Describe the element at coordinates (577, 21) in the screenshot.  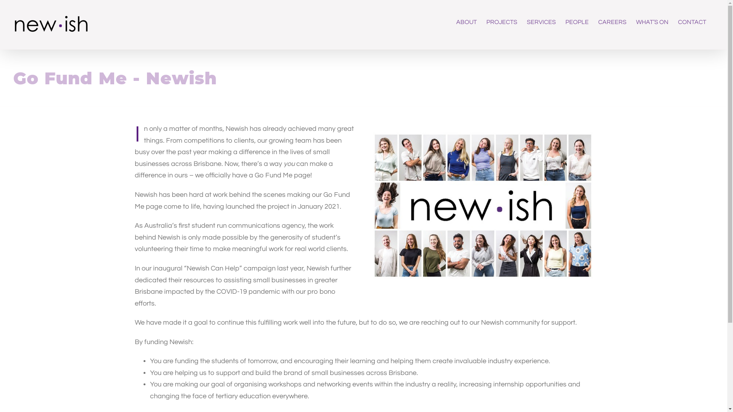
I see `'PEOPLE'` at that location.